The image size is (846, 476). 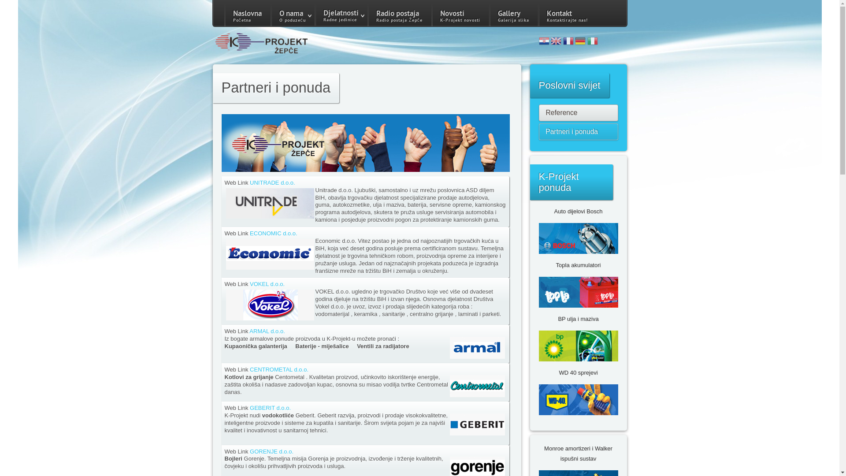 I want to click on 'GEBERIT d.o.o.', so click(x=270, y=408).